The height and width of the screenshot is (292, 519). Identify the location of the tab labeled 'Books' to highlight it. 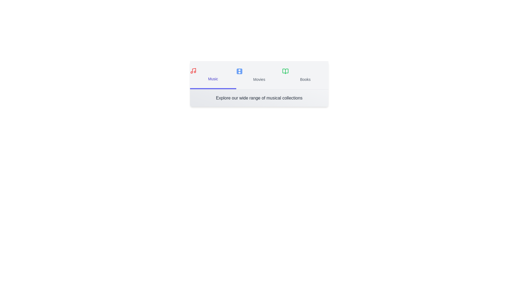
(305, 75).